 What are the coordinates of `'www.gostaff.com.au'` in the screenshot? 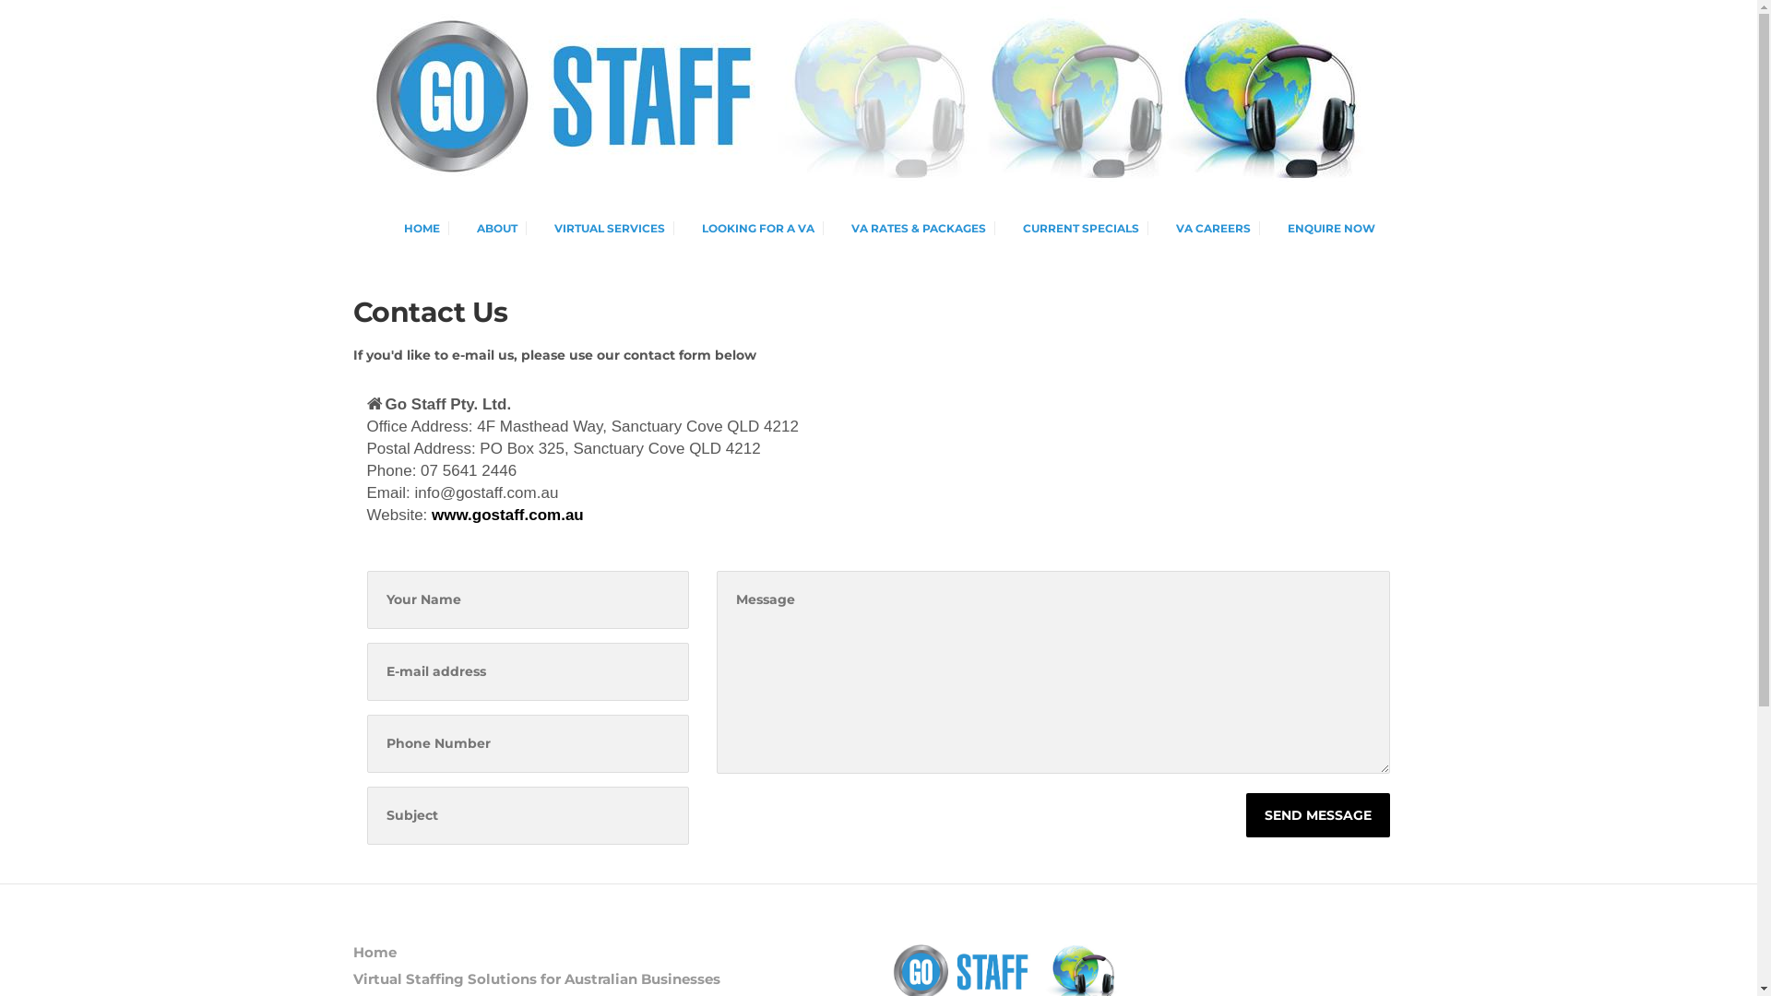 It's located at (507, 515).